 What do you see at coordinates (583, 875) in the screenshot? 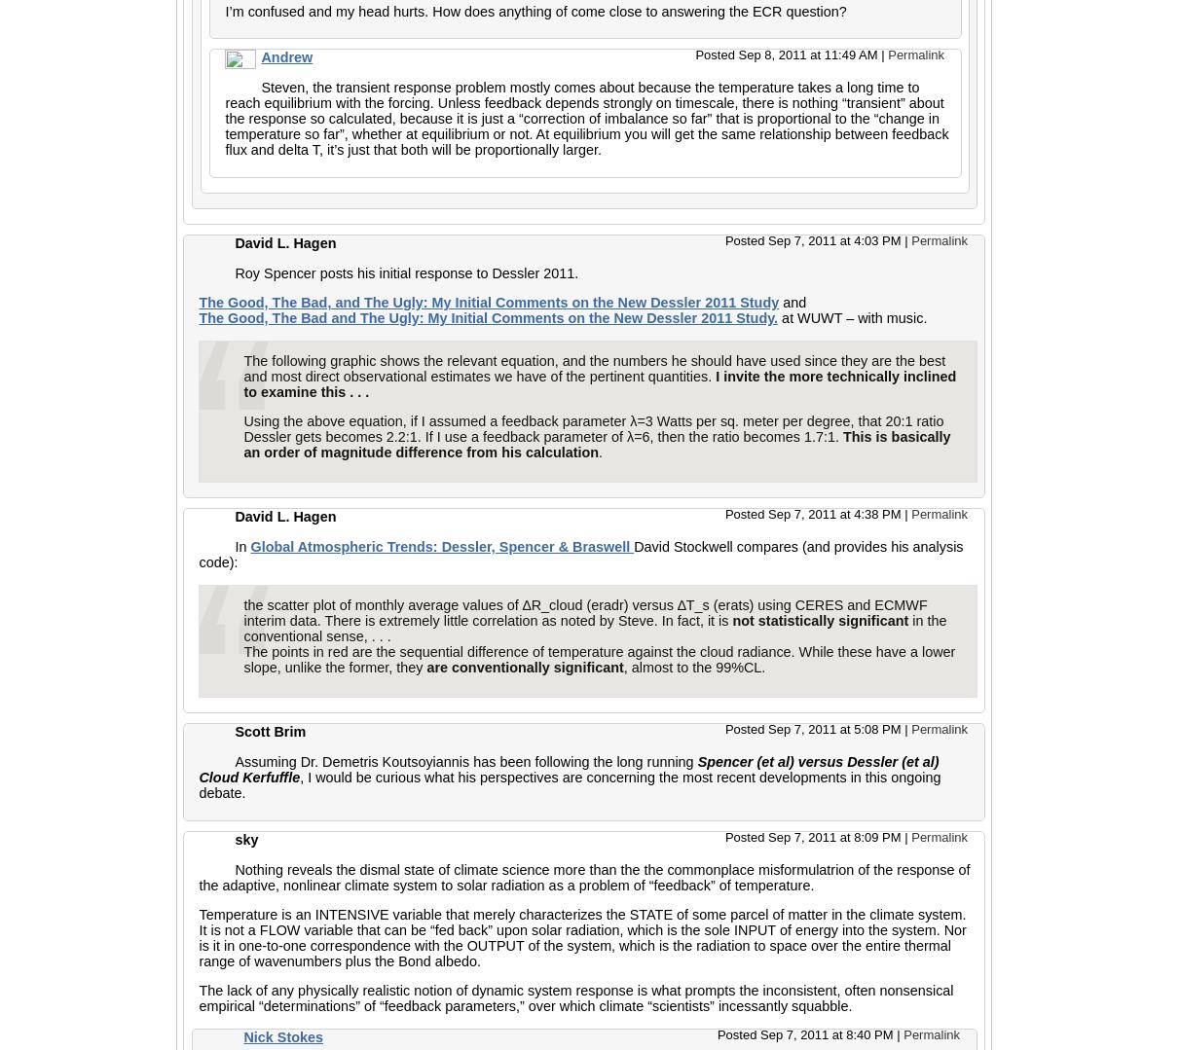
I see `'Nothing reveals the dismal state of climate science more than the the commonplace misformulatrion of the response of the adaptive, nonlinear climate system to solar radiation as a problem of “feedback” of temperature.'` at bounding box center [583, 875].